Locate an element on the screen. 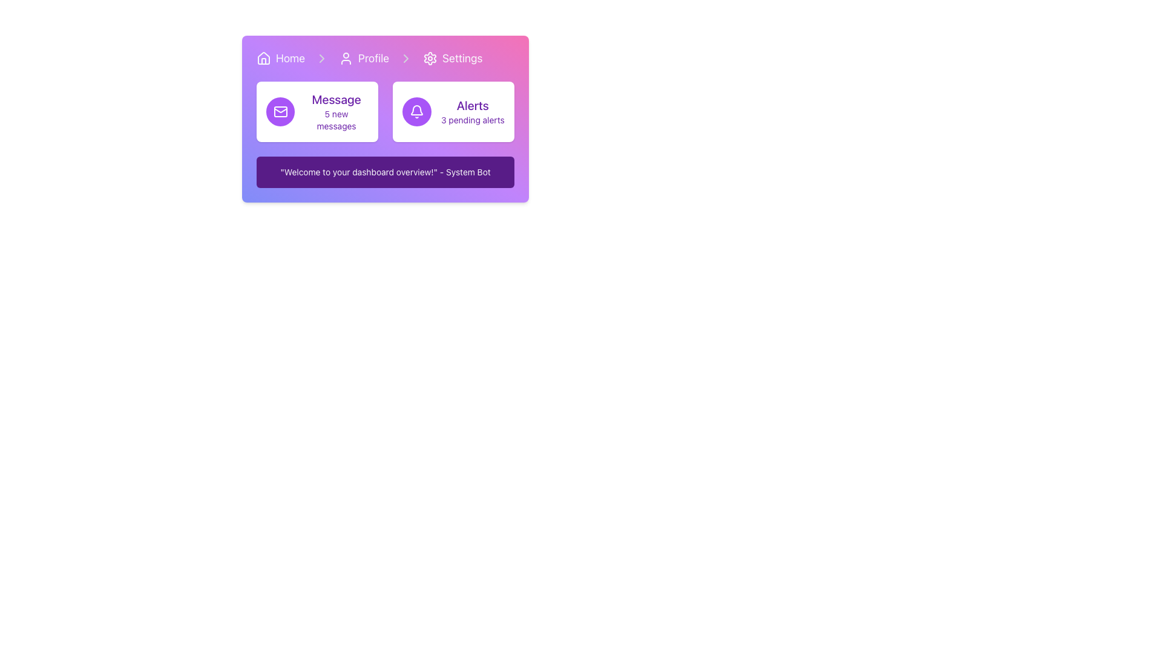  the text label indicating 'Messages' located at the upper section of the card, directly above '5 new messages' is located at coordinates (336, 99).